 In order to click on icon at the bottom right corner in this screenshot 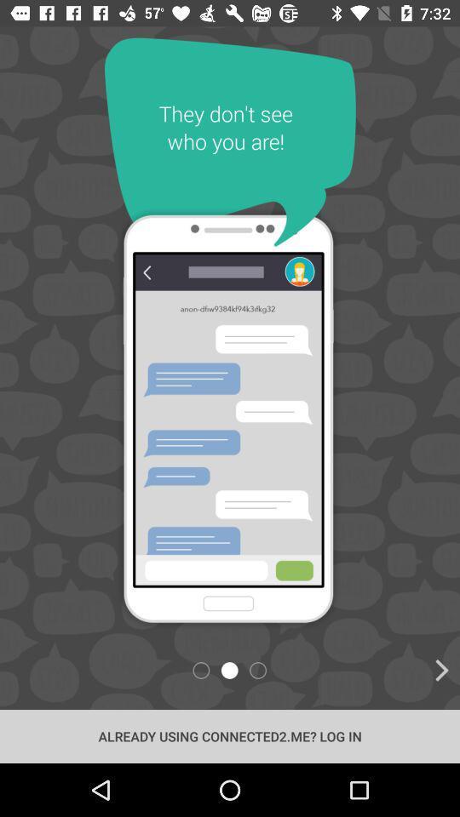, I will do `click(359, 670)`.